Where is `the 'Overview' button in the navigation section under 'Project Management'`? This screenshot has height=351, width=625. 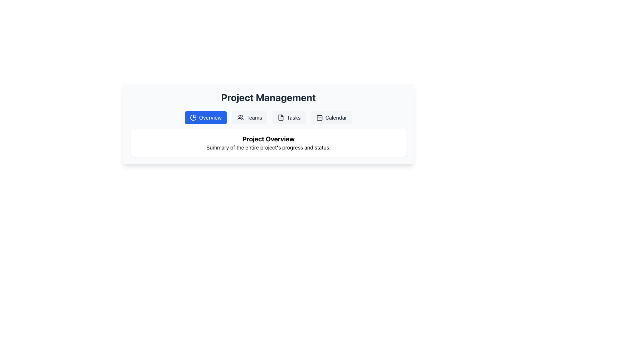
the 'Overview' button in the navigation section under 'Project Management' is located at coordinates (205, 118).